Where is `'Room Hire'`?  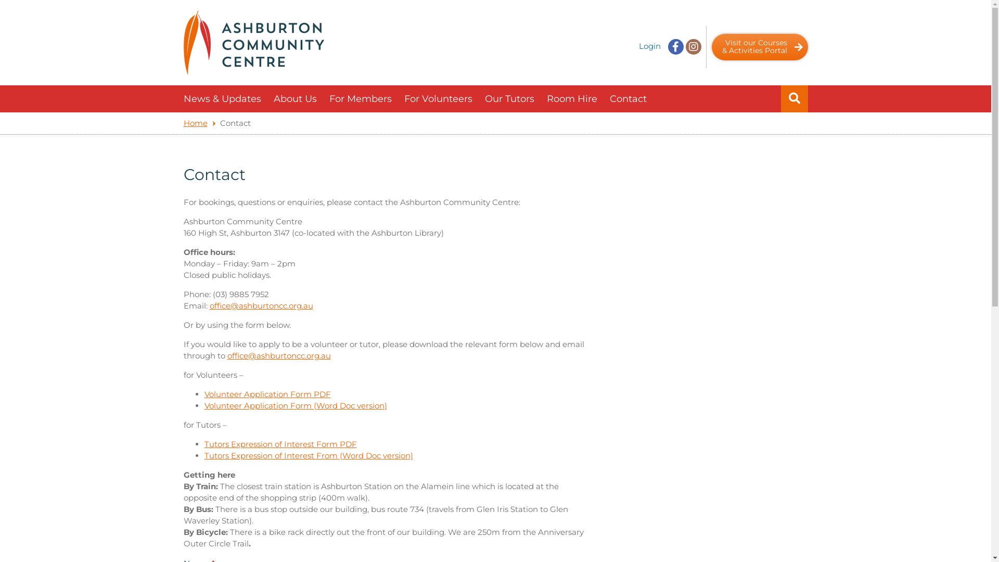
'Room Hire' is located at coordinates (546, 98).